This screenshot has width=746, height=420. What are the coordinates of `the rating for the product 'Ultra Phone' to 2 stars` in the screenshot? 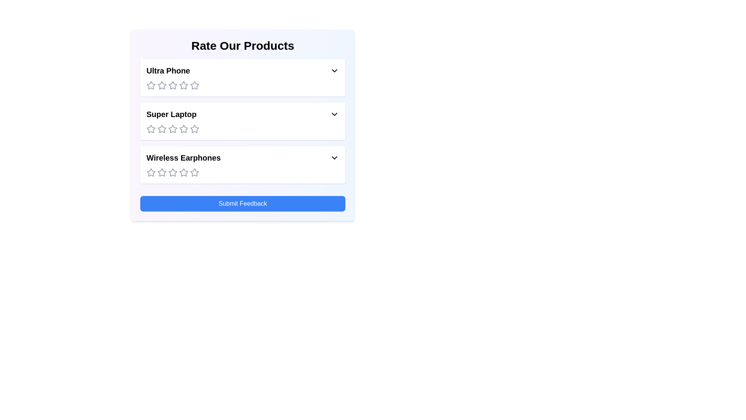 It's located at (162, 85).